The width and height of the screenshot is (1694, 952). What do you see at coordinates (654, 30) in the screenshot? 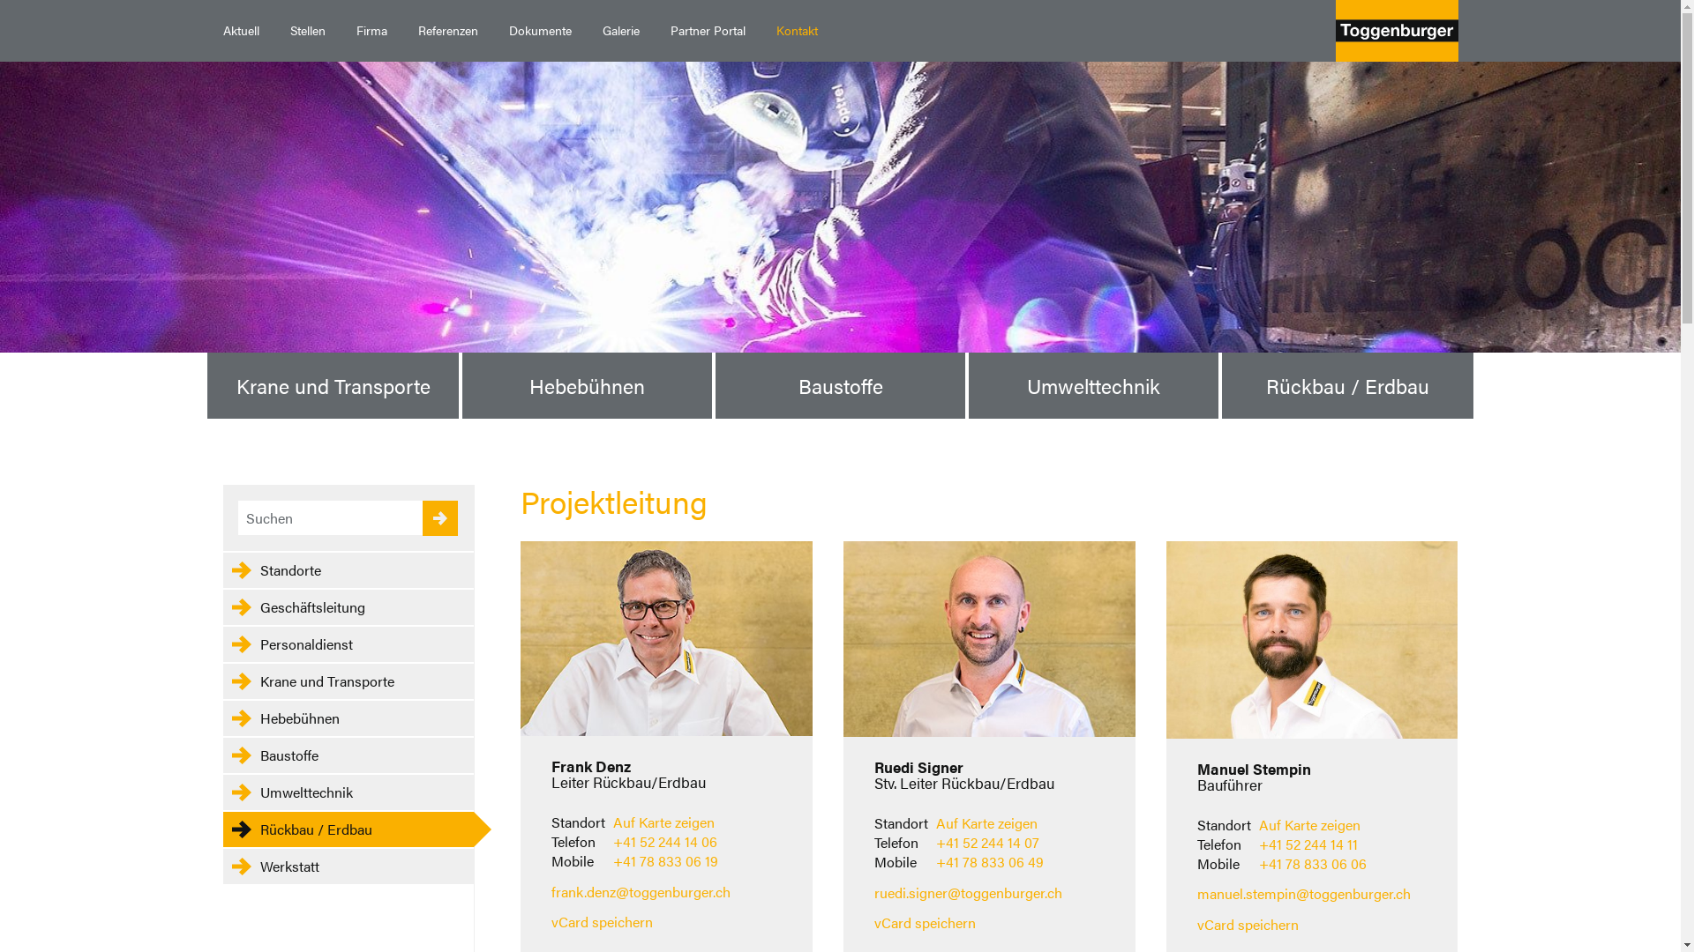
I see `'Partner Portal'` at bounding box center [654, 30].